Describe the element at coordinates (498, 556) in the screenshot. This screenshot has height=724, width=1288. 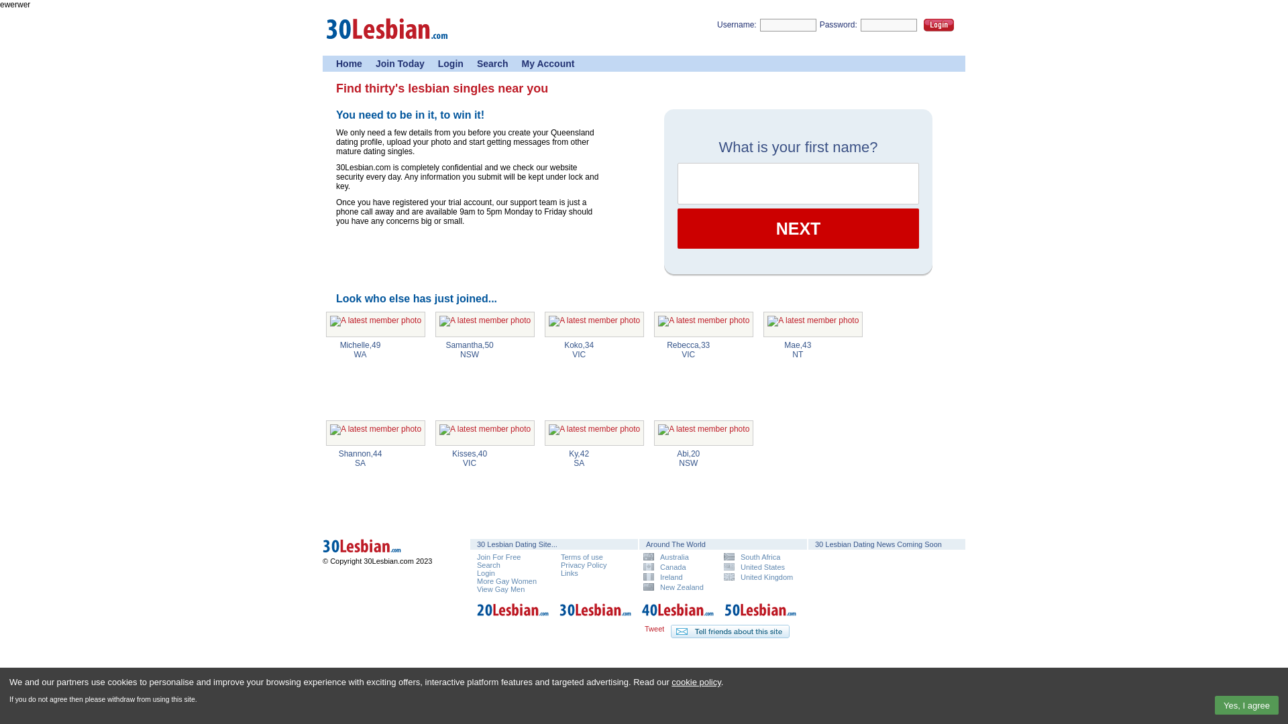
I see `'Join For Free'` at that location.